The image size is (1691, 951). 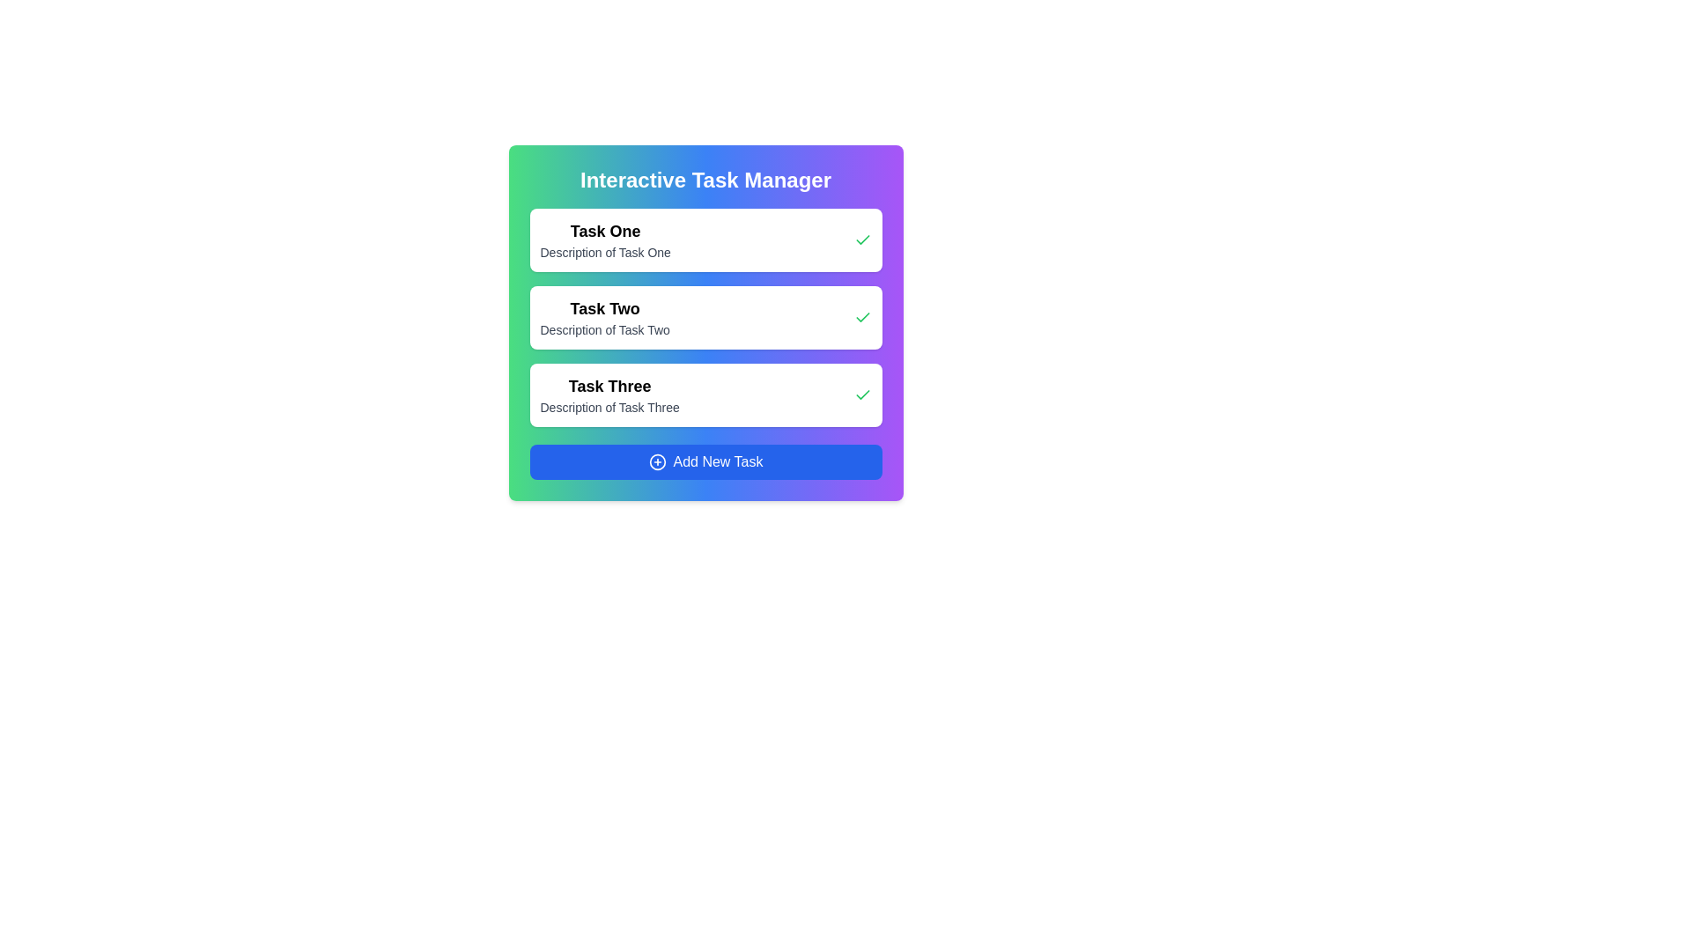 I want to click on the circular graphic element located within the icon to the left of the 'Add New Task' button, so click(x=656, y=461).